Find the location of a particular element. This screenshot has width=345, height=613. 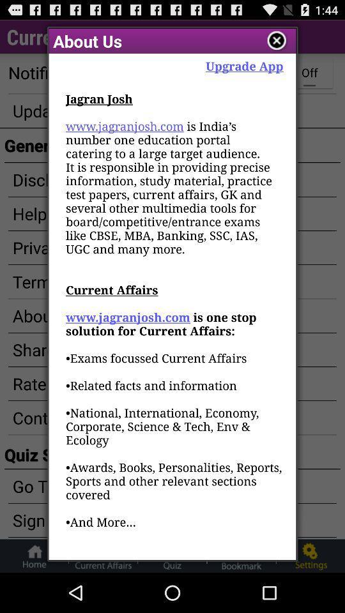

upgrade app icon is located at coordinates (244, 66).